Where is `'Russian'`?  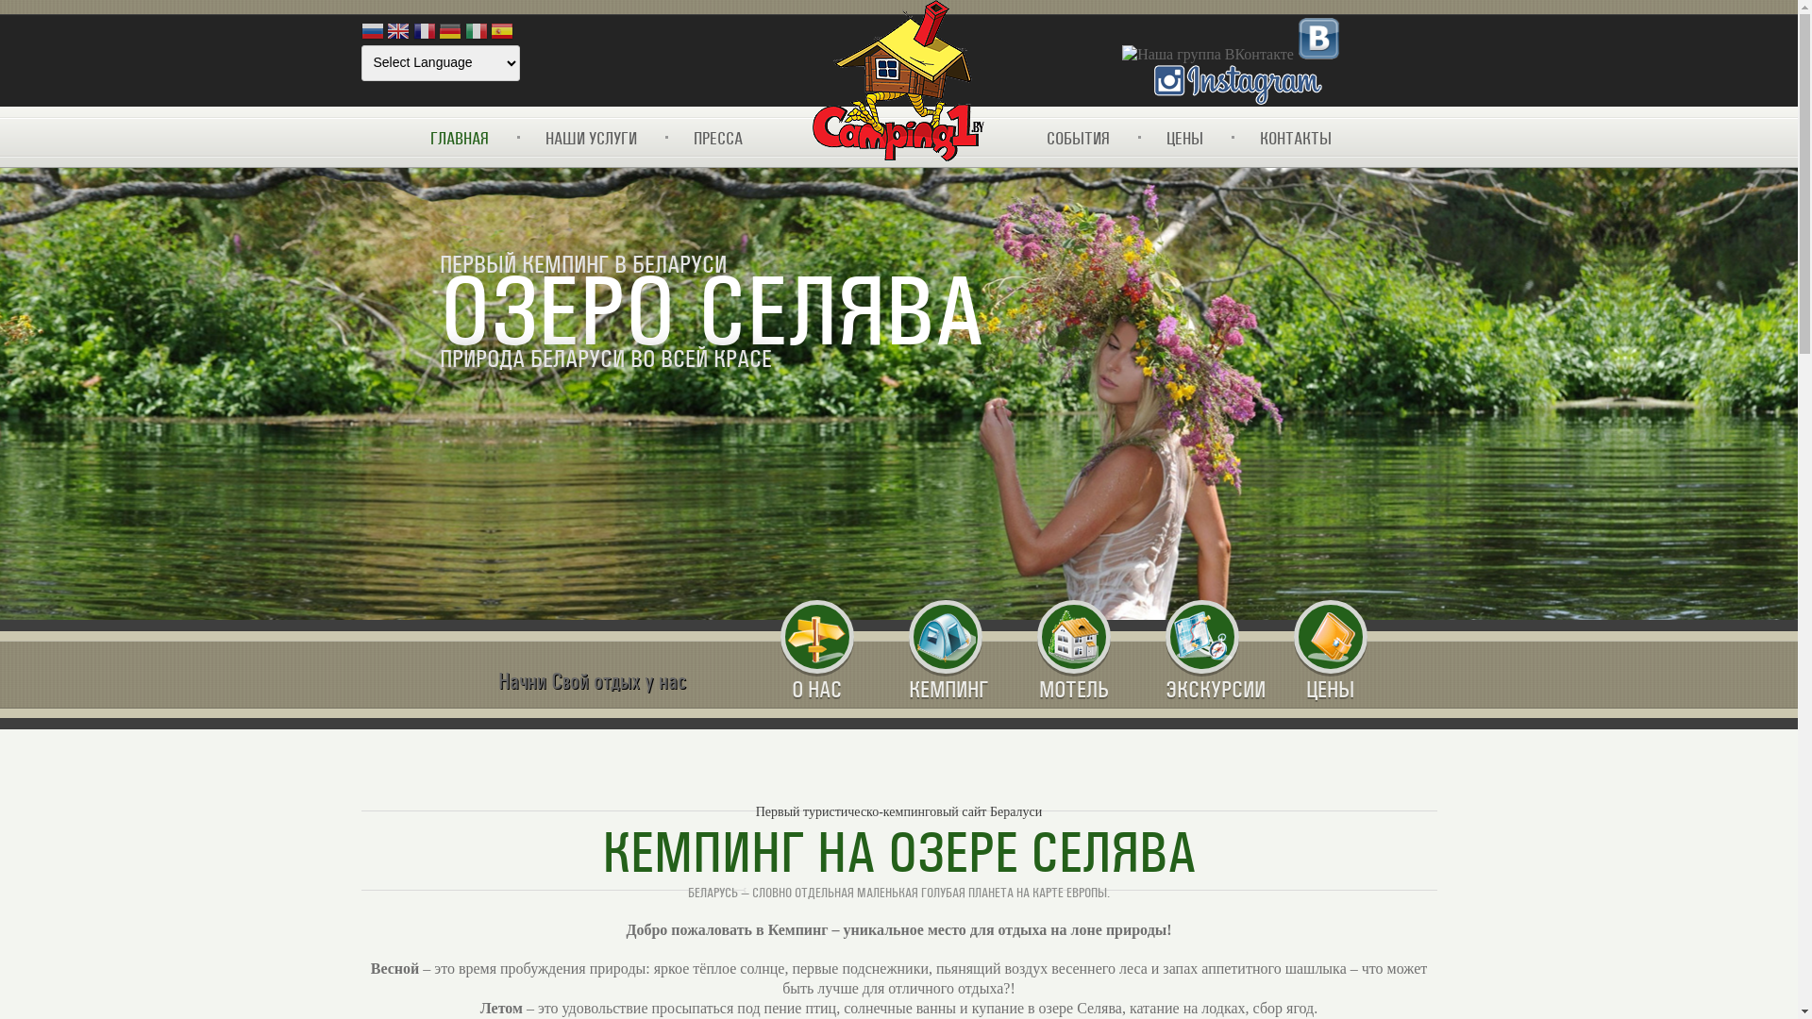
'Russian' is located at coordinates (371, 32).